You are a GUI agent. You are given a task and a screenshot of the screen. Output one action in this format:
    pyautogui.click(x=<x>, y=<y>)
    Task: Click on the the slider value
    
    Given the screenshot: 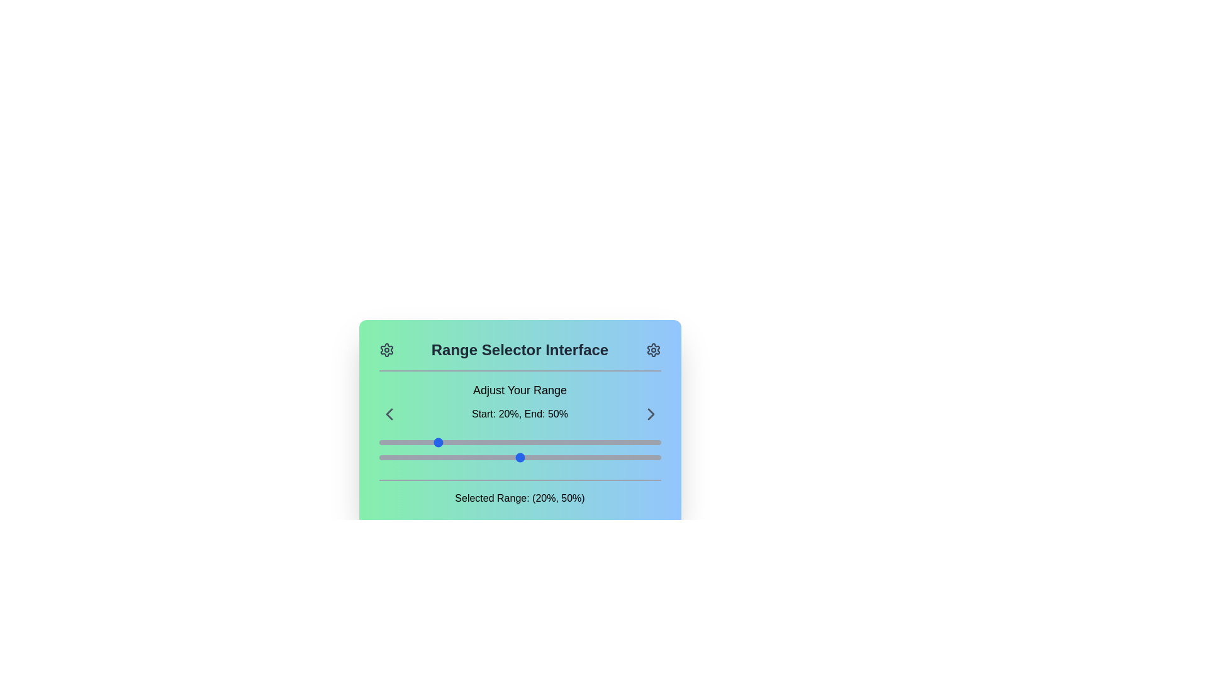 What is the action you would take?
    pyautogui.click(x=432, y=458)
    